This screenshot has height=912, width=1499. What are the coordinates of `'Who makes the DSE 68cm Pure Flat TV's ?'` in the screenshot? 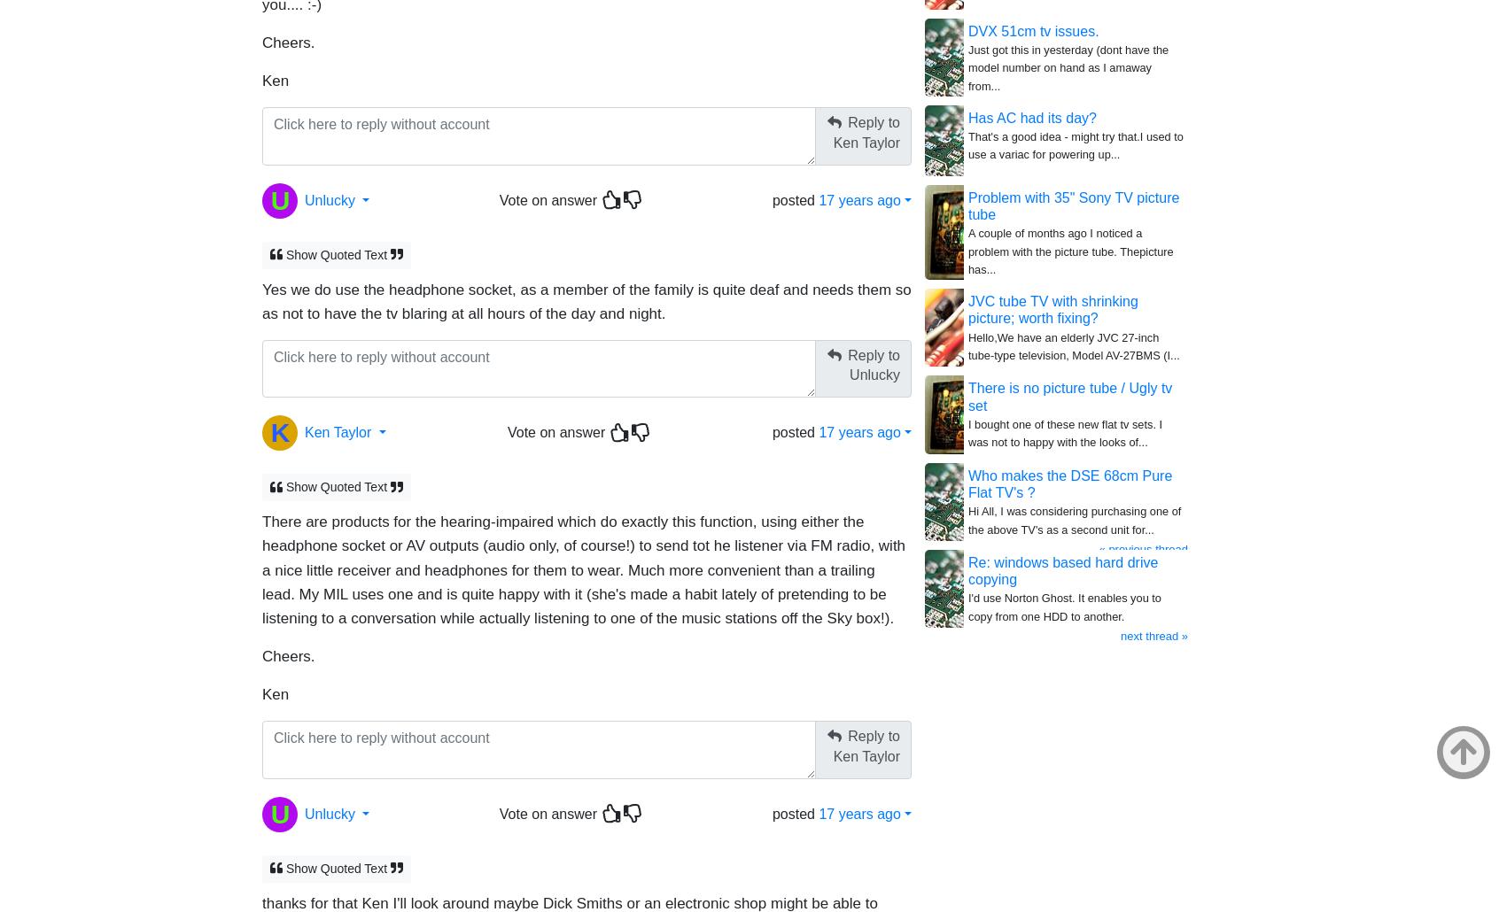 It's located at (1069, 483).